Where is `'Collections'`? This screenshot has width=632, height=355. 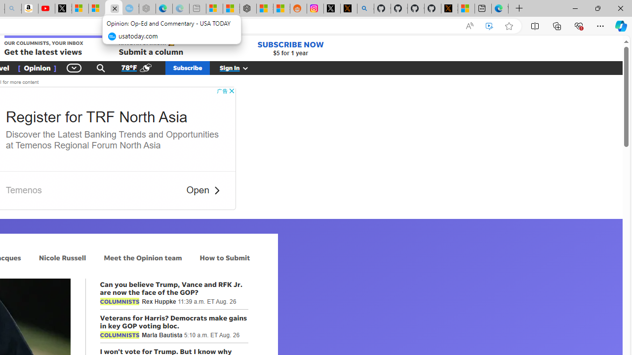 'Collections' is located at coordinates (557, 25).